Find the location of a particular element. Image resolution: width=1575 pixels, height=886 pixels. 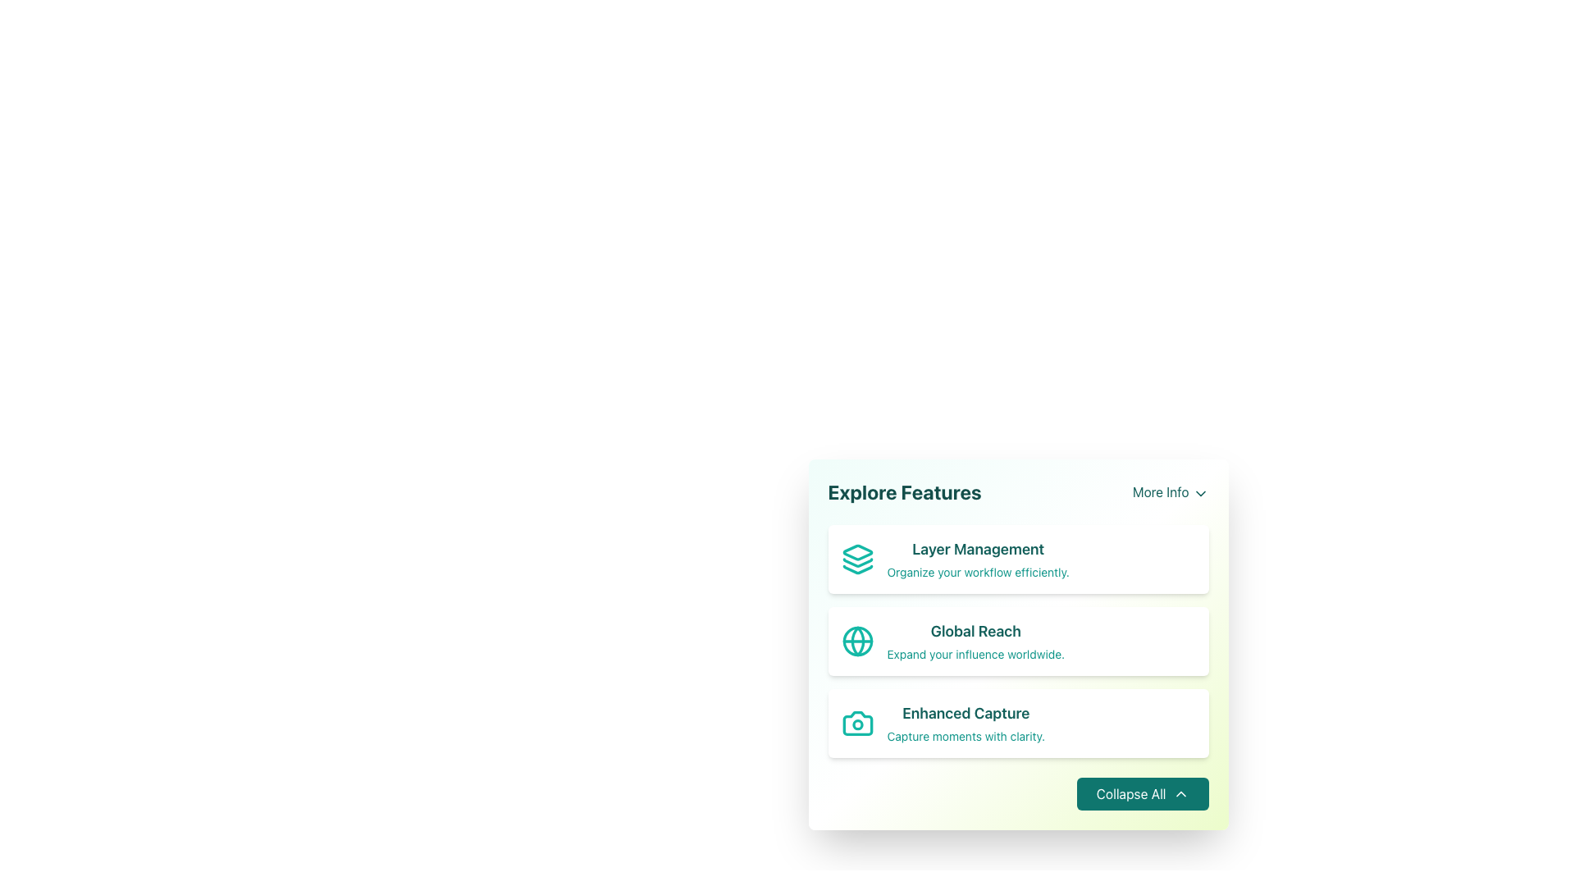

the 'Collapse All' button located at the bottom-right corner of the card-like section is located at coordinates (1141, 793).